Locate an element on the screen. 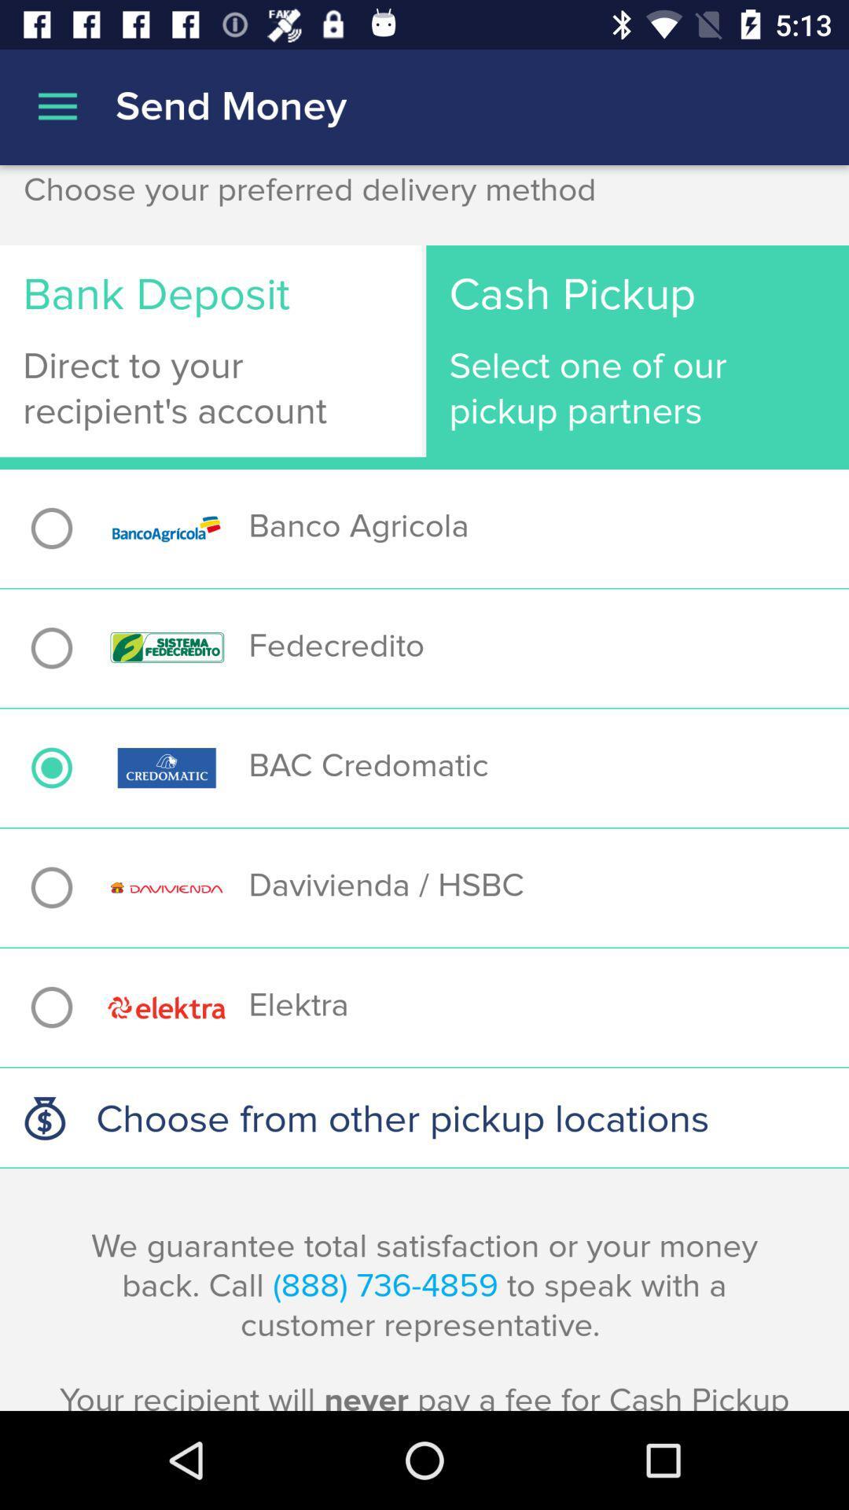 The height and width of the screenshot is (1510, 849). the we guarantee total app is located at coordinates (424, 1319).